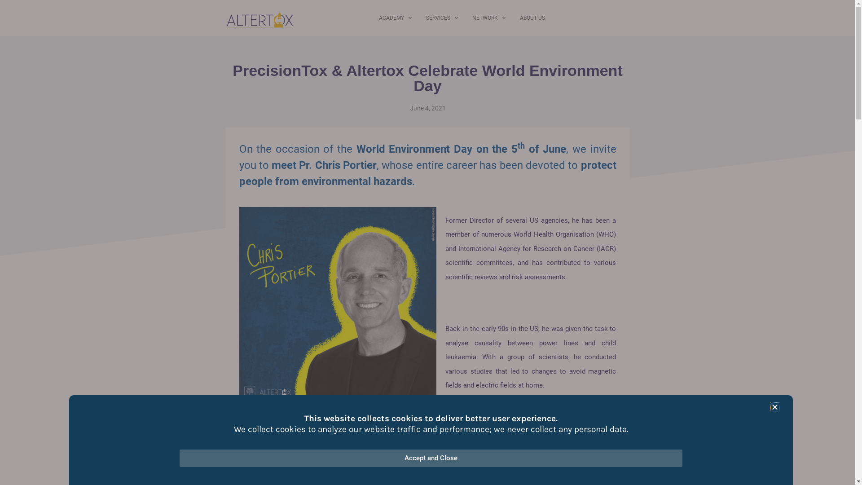  Describe the element at coordinates (442, 18) in the screenshot. I see `'SERVICES'` at that location.